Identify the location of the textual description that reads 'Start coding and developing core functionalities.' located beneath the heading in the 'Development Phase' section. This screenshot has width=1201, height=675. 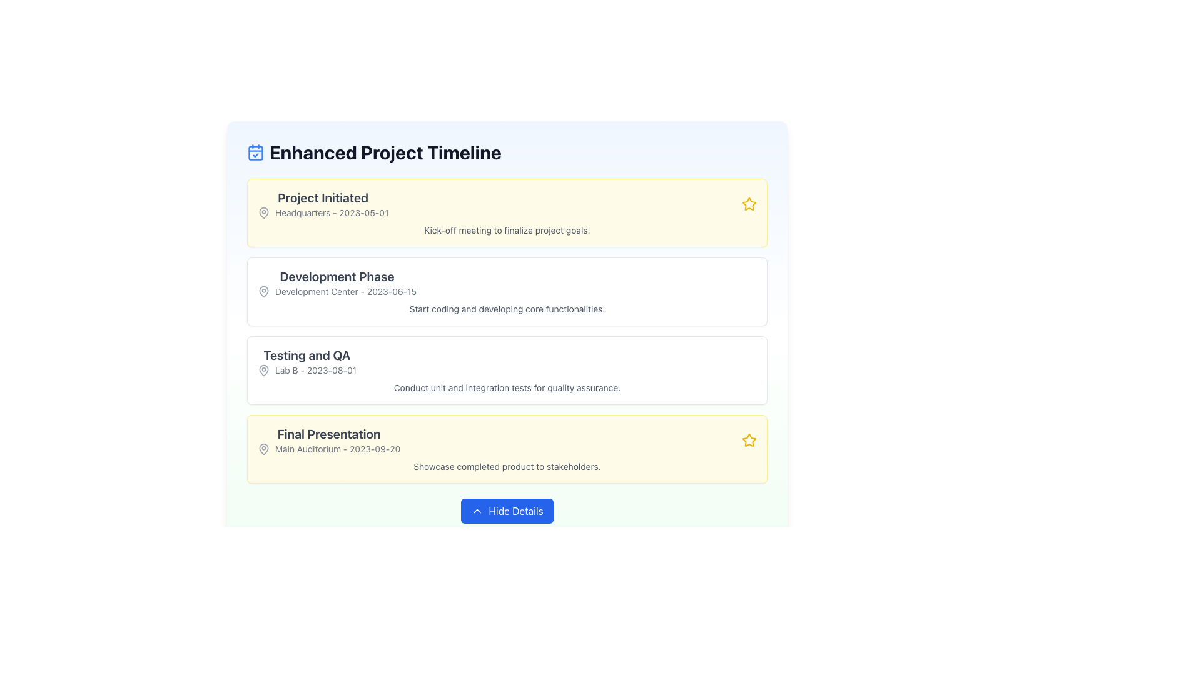
(507, 309).